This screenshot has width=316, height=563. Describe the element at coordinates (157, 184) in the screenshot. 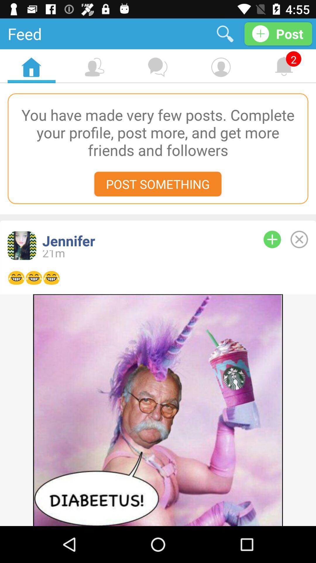

I see `the post something icon` at that location.